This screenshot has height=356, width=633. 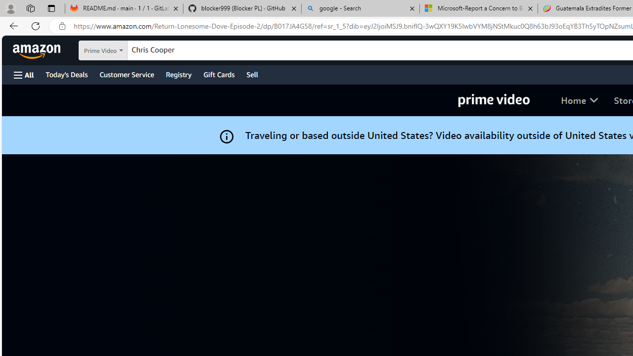 I want to click on 'Amazon', so click(x=38, y=50).